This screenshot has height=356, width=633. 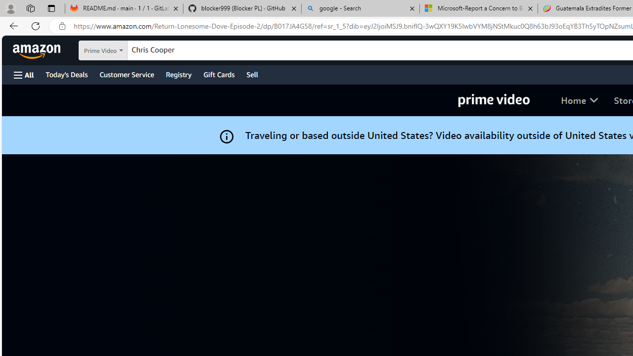 I want to click on 'Amazon', so click(x=38, y=50).